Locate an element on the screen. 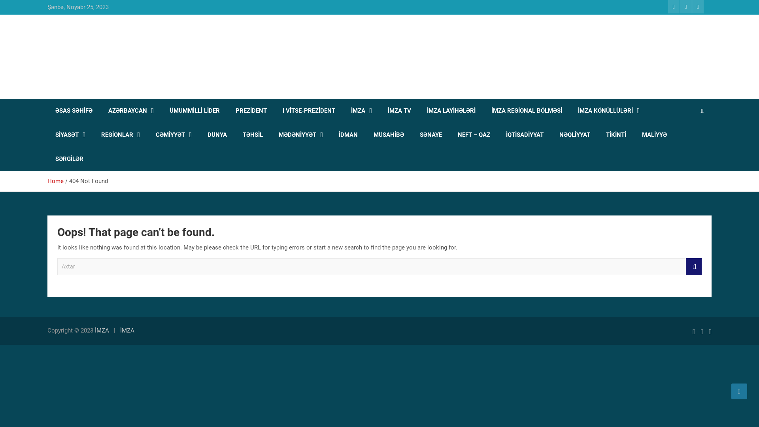 This screenshot has width=759, height=427. 'PREZIDENT' is located at coordinates (251, 111).